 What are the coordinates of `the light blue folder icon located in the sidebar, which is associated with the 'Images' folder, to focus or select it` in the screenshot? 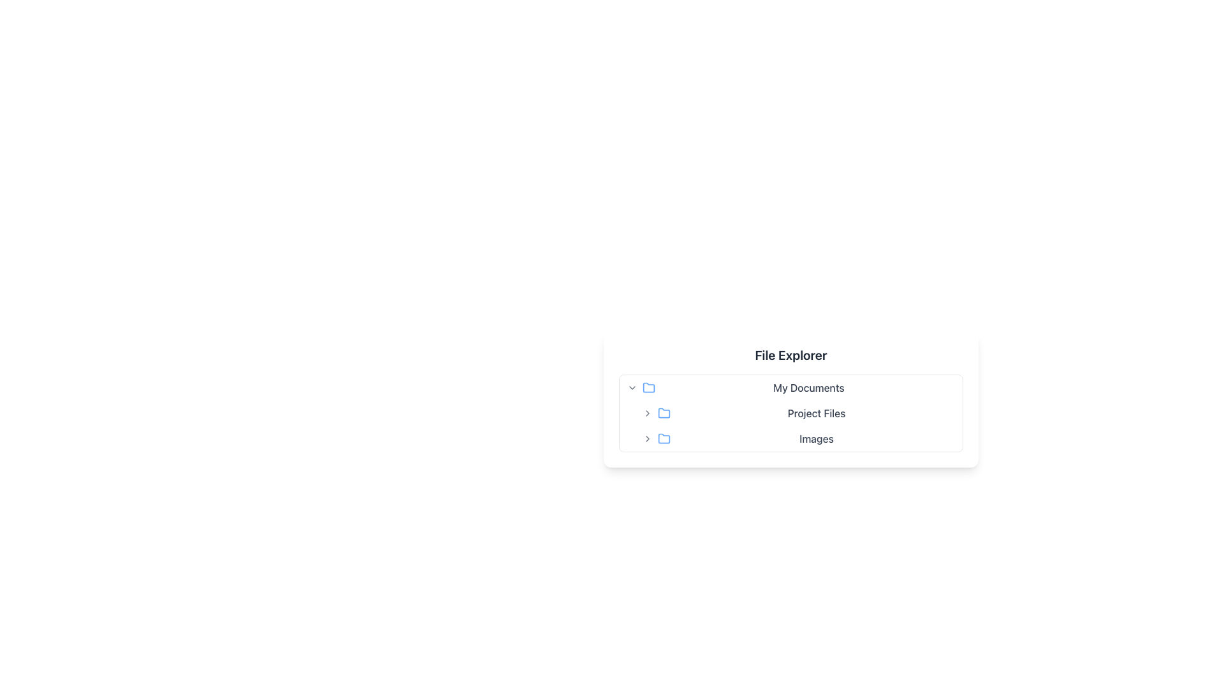 It's located at (663, 438).